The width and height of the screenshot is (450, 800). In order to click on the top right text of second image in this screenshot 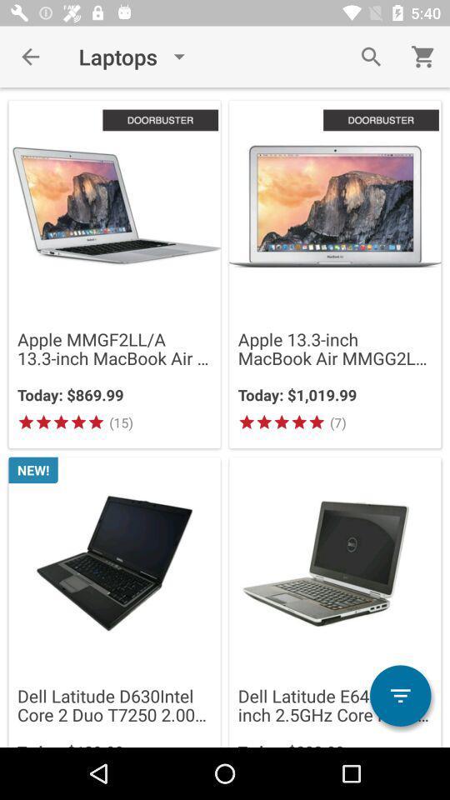, I will do `click(381, 119)`.